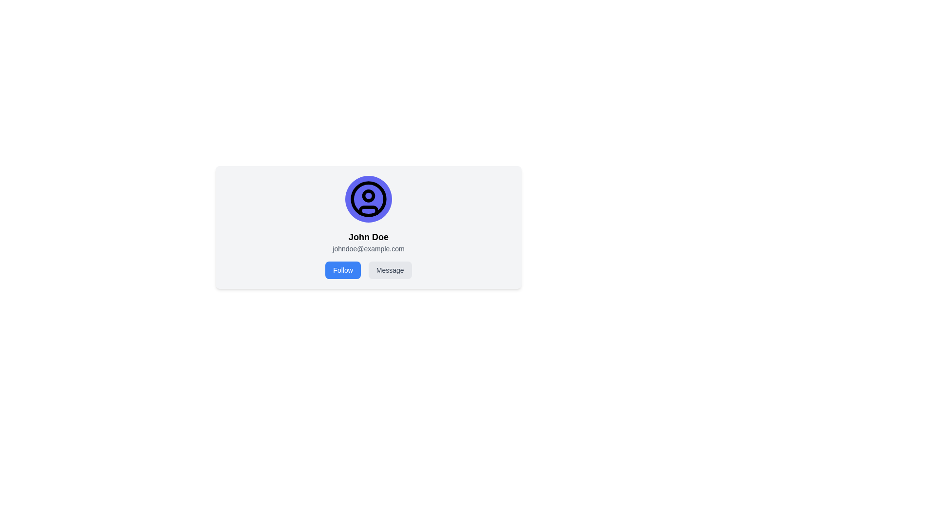 This screenshot has width=935, height=526. What do you see at coordinates (368, 248) in the screenshot?
I see `the text element displaying 'johndoe@example.com', which is positioned below 'John Doe' in the profile card layout` at bounding box center [368, 248].